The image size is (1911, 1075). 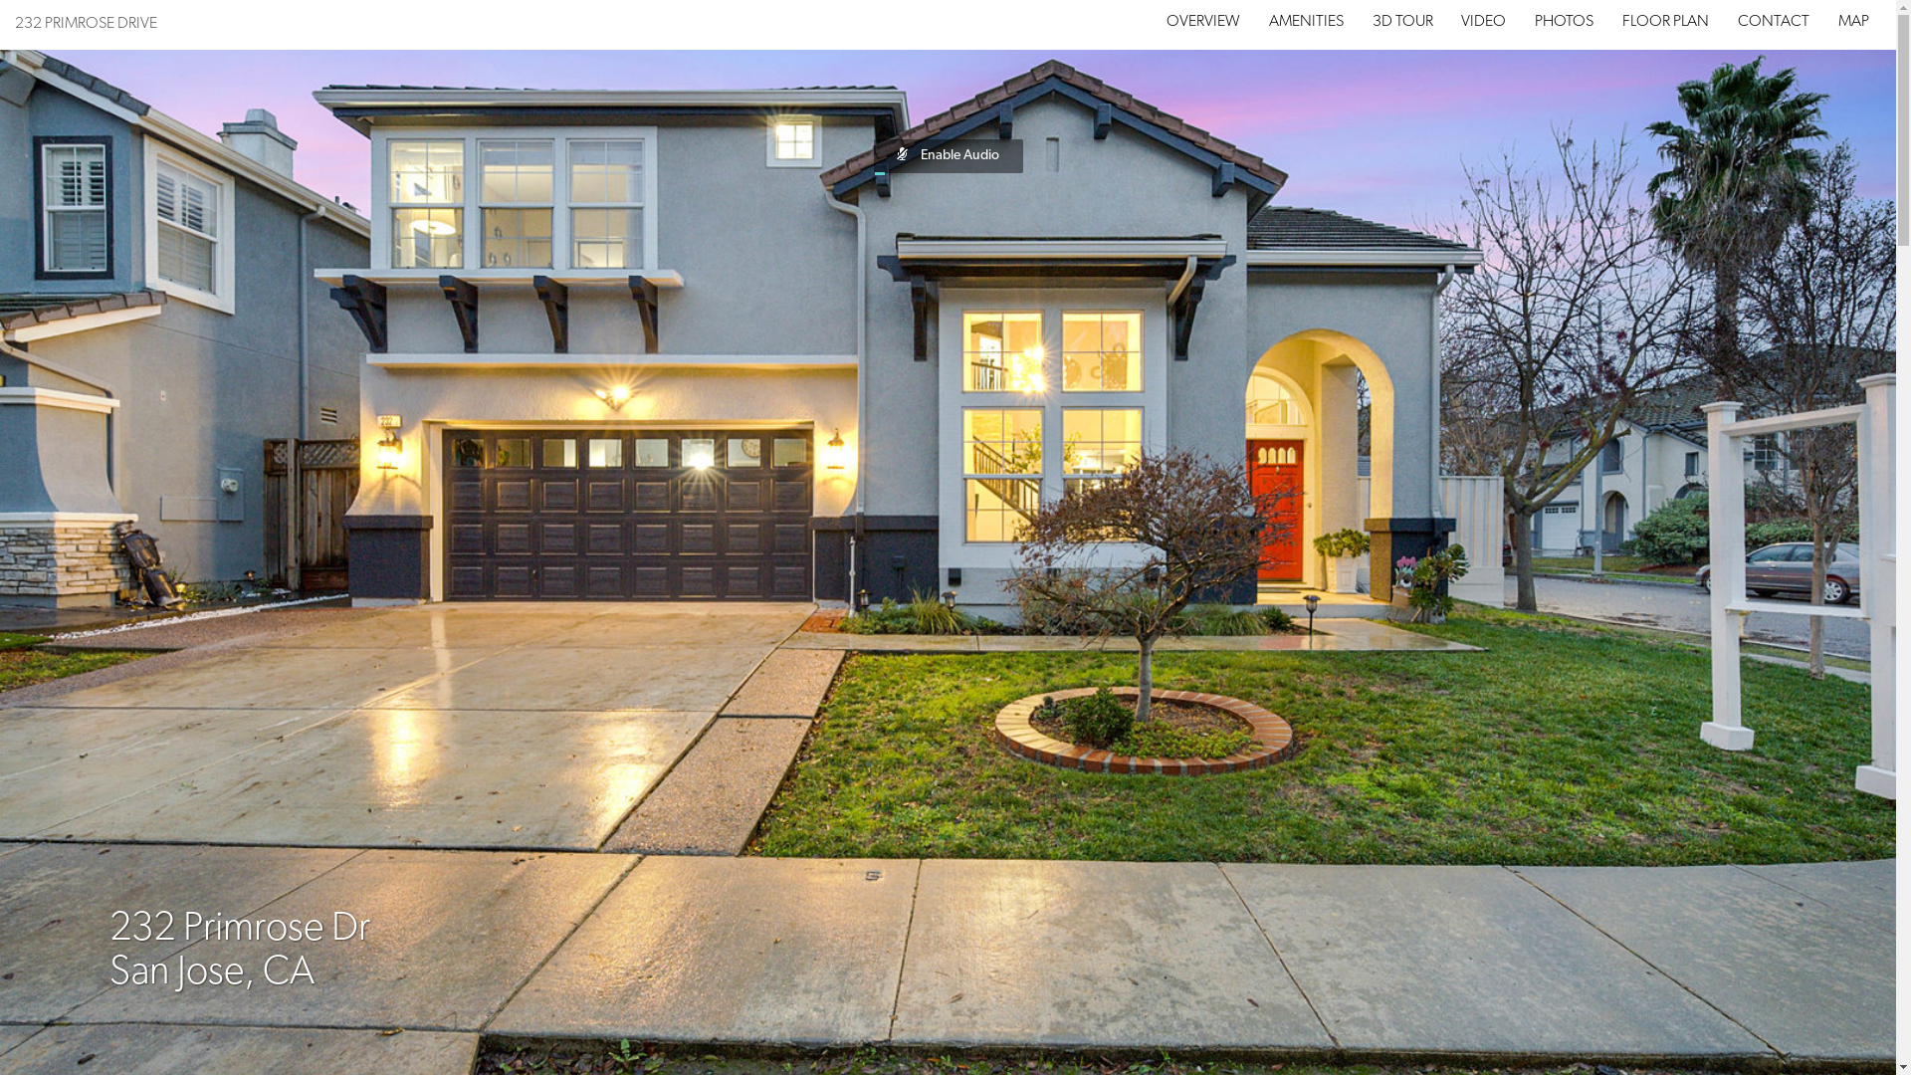 What do you see at coordinates (1306, 22) in the screenshot?
I see `'AMENITIES'` at bounding box center [1306, 22].